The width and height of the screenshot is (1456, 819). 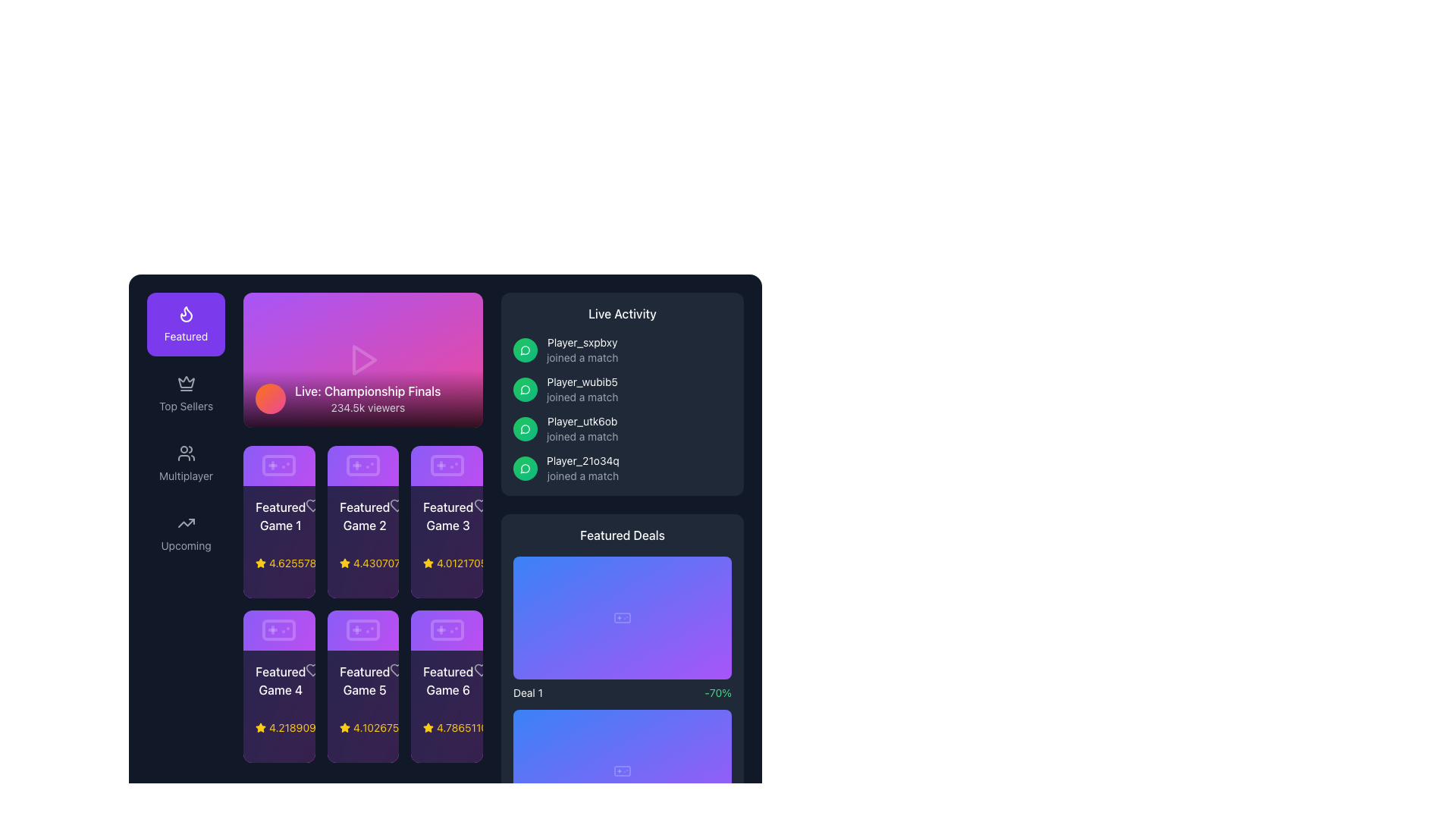 What do you see at coordinates (279, 563) in the screenshot?
I see `the rating displayed in the bottom-left corner of the 'Featured Game 1' tile, which is part of the ratings and metadata panel` at bounding box center [279, 563].